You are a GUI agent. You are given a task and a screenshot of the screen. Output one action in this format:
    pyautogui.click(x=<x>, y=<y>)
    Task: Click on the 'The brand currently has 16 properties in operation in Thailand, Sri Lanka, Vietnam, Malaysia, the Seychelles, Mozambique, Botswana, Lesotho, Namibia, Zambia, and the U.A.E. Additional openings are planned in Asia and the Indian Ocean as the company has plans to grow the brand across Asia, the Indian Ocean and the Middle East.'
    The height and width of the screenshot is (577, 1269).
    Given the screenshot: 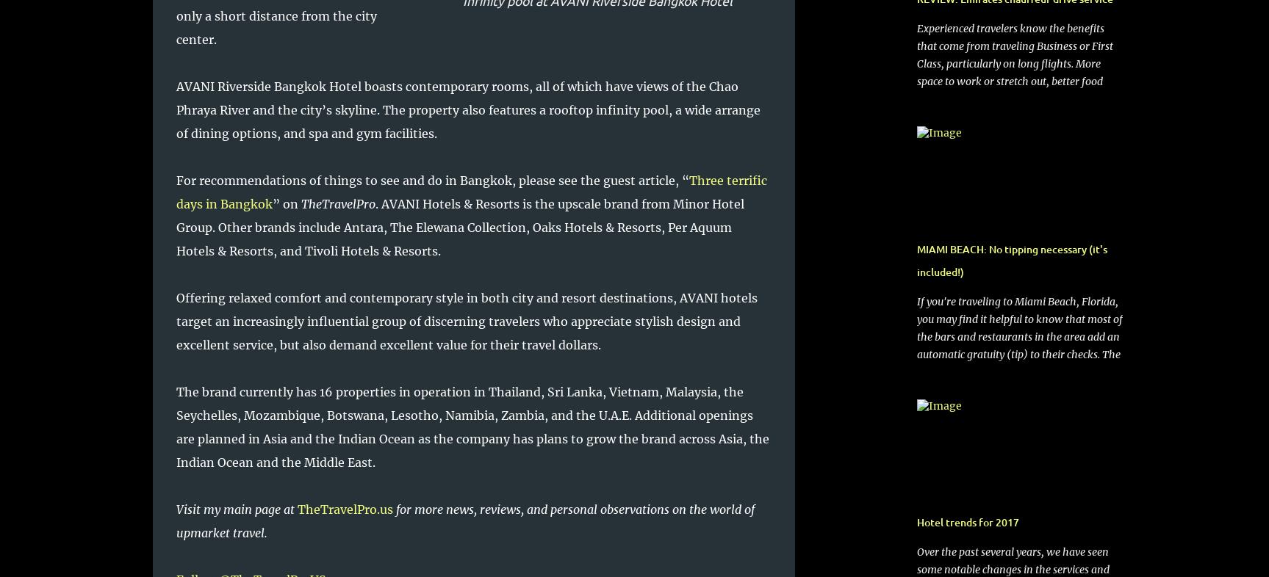 What is the action you would take?
    pyautogui.click(x=176, y=427)
    